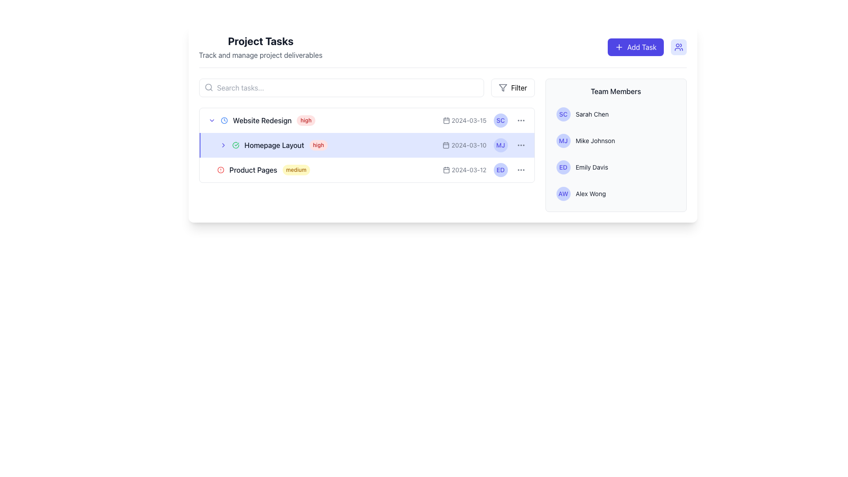  I want to click on the Header text indicating 'Project Tasks', which is the primary title located near the top-left area of the interface, above the subtitle 'Track and manage project deliverables', so click(260, 41).